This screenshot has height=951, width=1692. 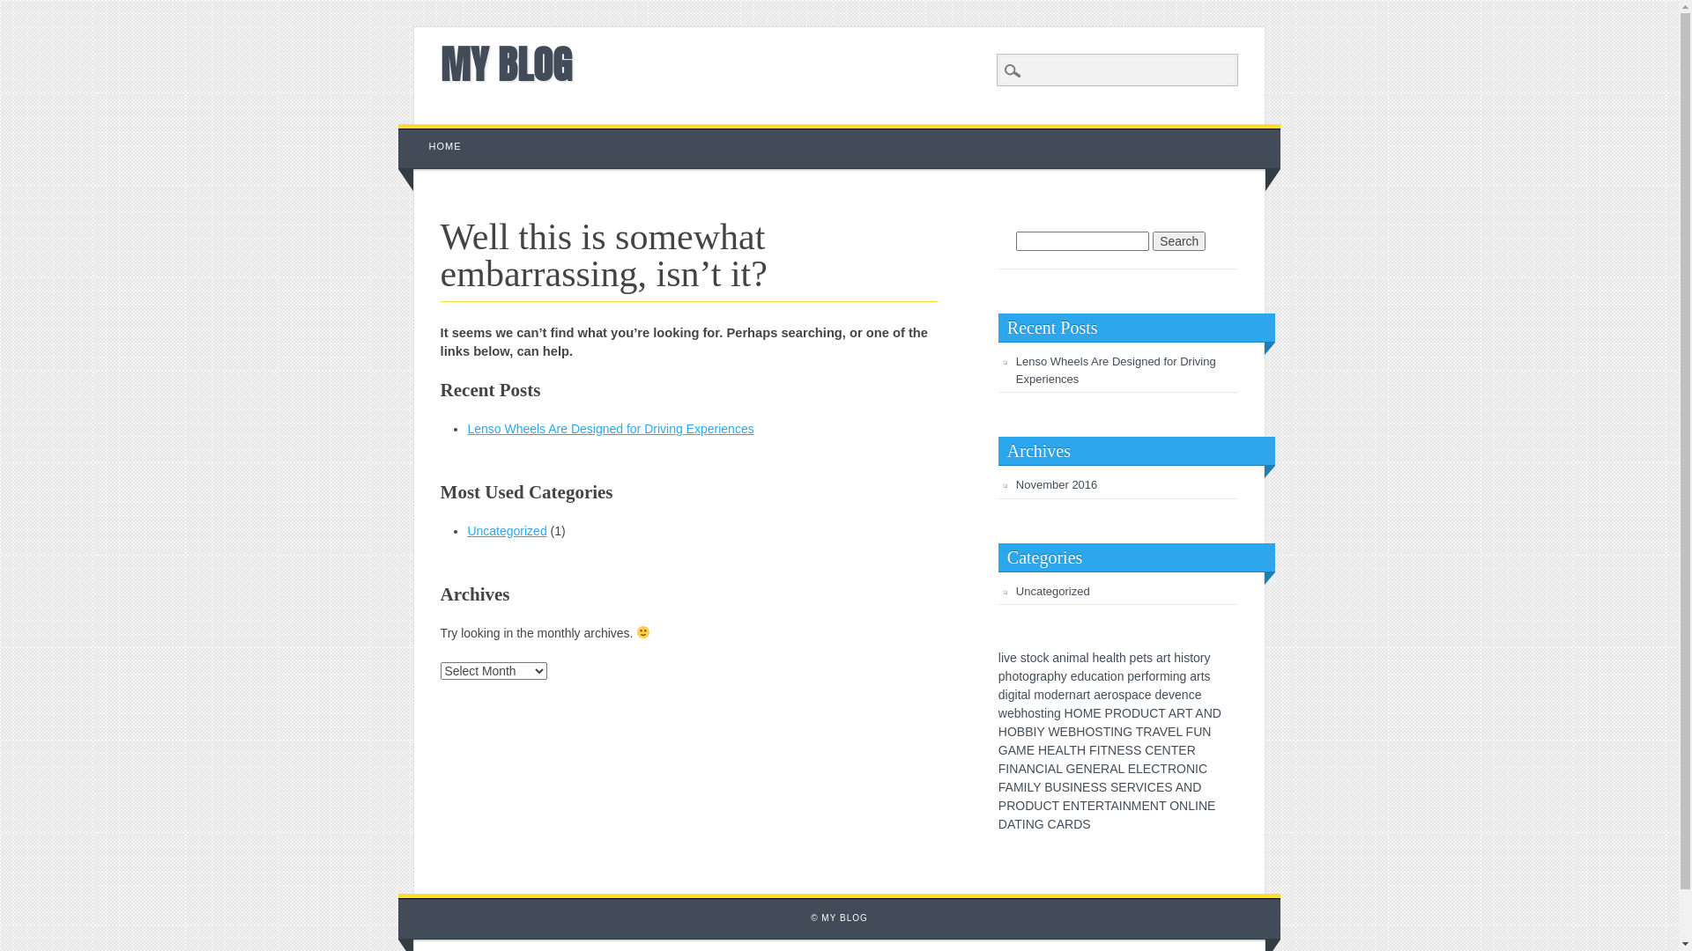 I want to click on 't', so click(x=1040, y=713).